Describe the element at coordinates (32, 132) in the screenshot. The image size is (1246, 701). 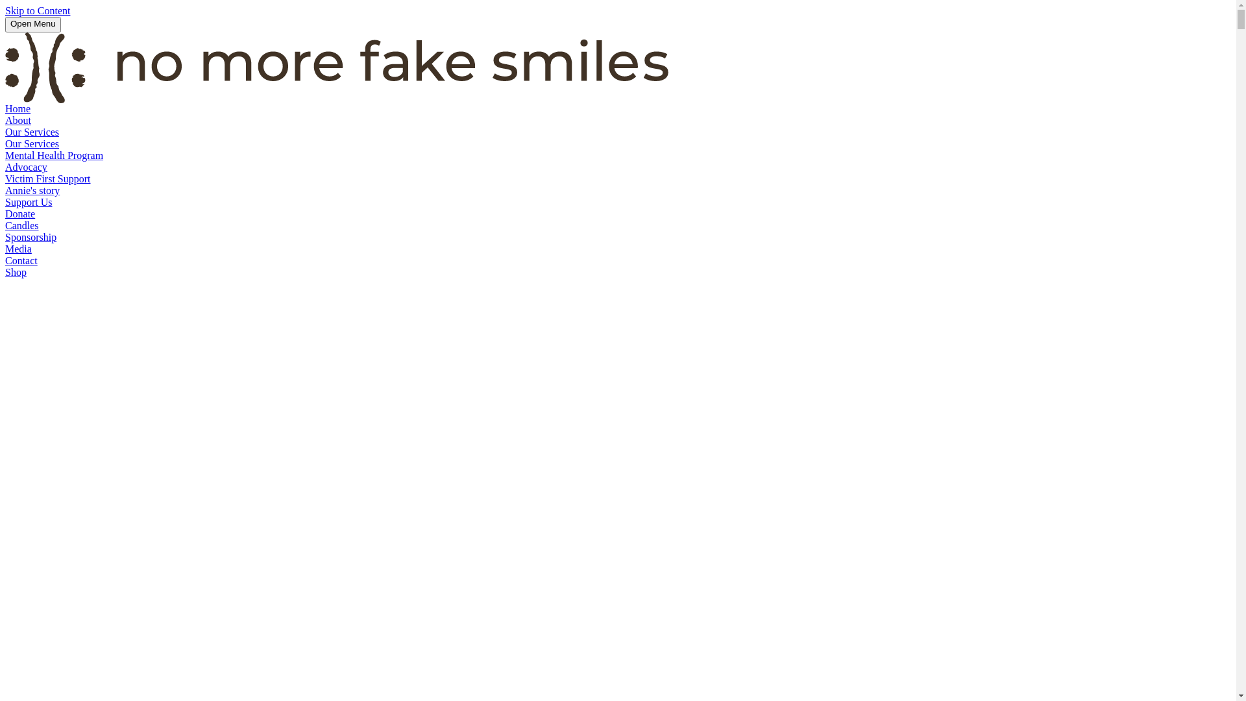
I see `'Our Services'` at that location.